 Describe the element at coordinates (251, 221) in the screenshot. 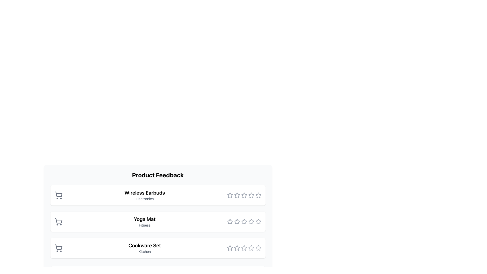

I see `the fifth star icon in the Yoga Mat product feedback section to provide a rating` at that location.